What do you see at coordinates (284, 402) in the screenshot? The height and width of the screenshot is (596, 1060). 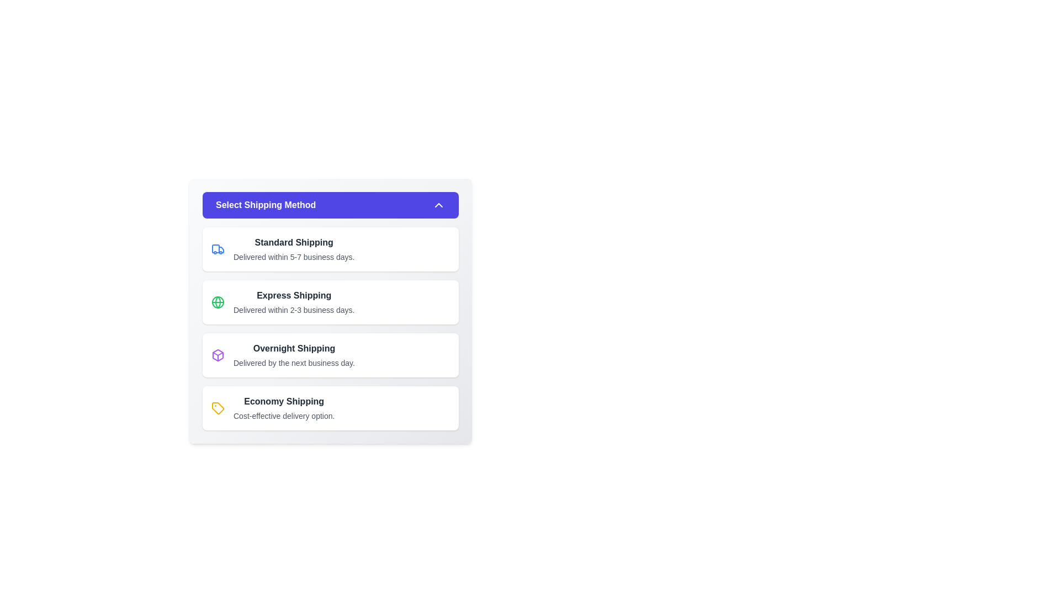 I see `text label that identifies the shipping option, located above the descriptive text 'Cost-effective delivery option' in the 'Select Shipping Method' section` at bounding box center [284, 402].